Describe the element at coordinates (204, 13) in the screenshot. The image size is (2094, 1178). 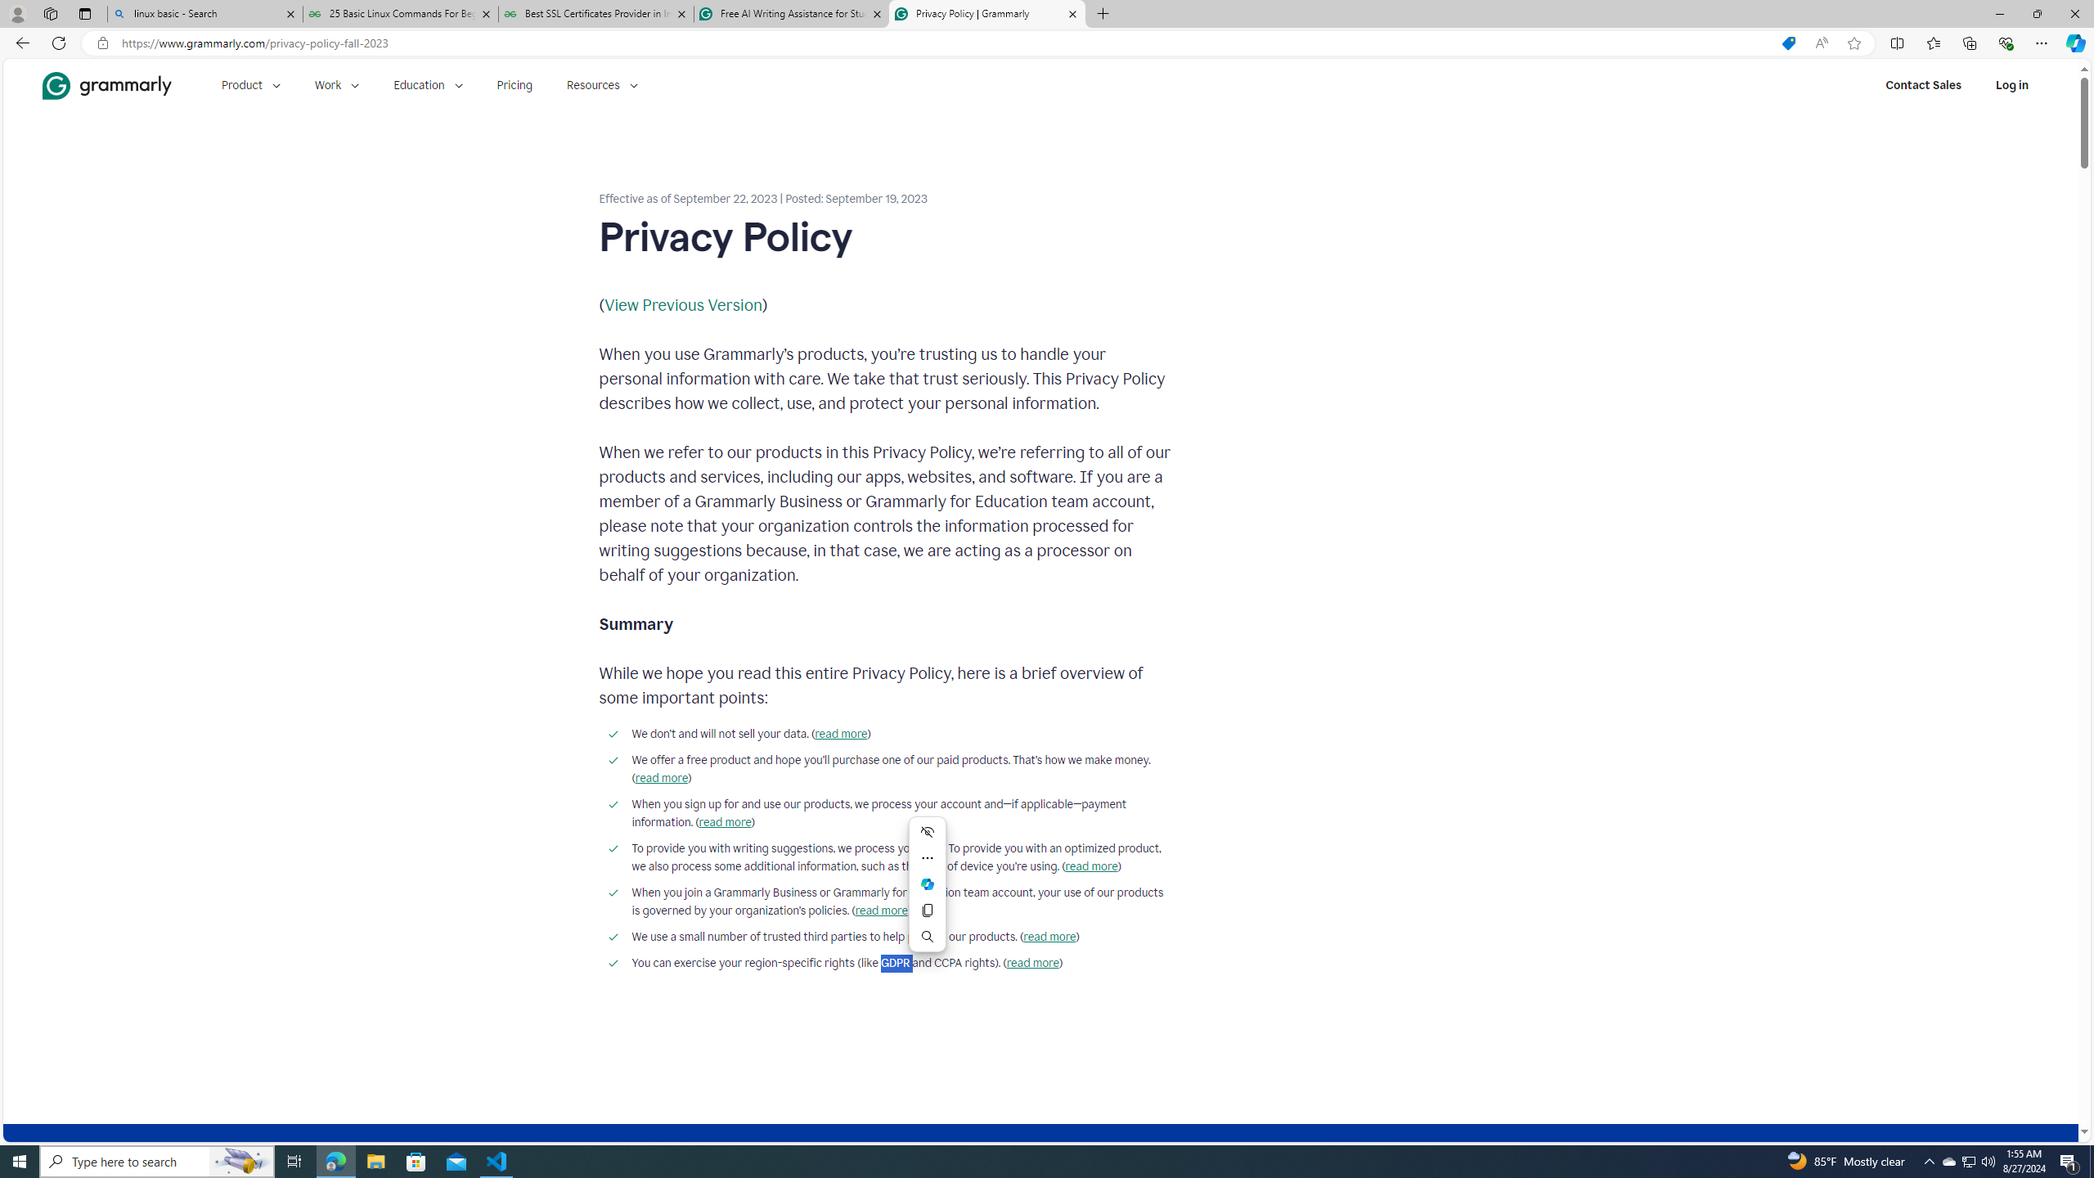
I see `'linux basic - Search'` at that location.